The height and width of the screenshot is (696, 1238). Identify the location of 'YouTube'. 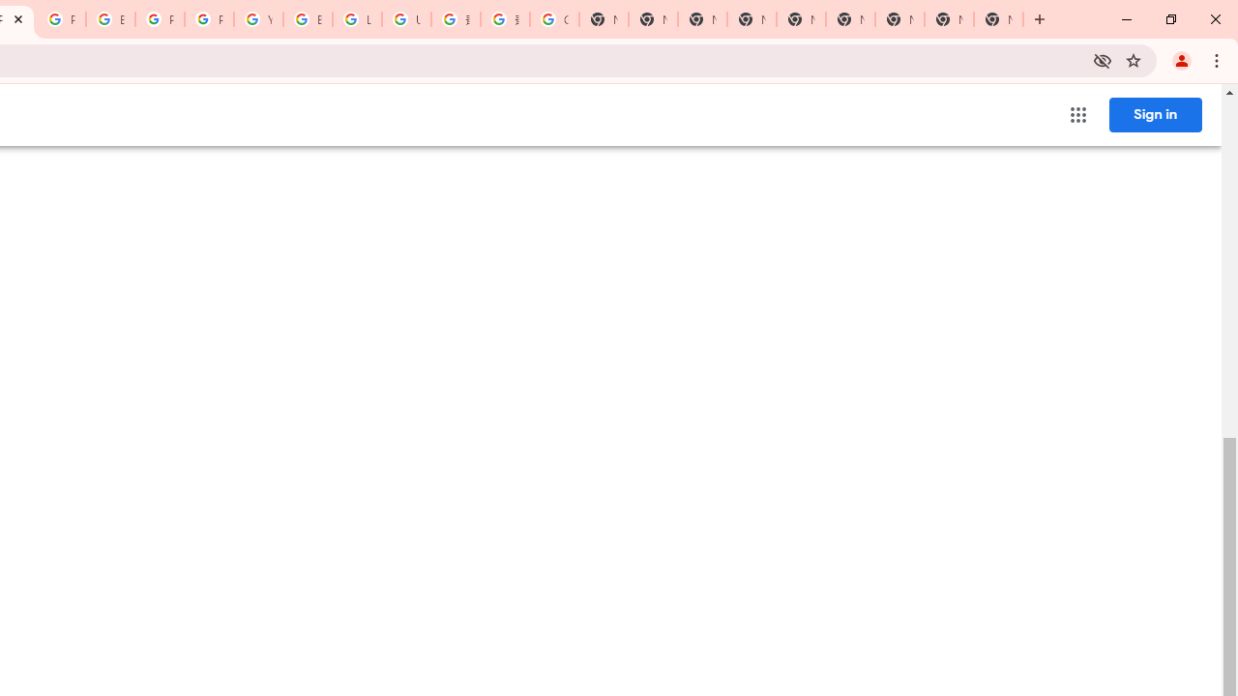
(257, 19).